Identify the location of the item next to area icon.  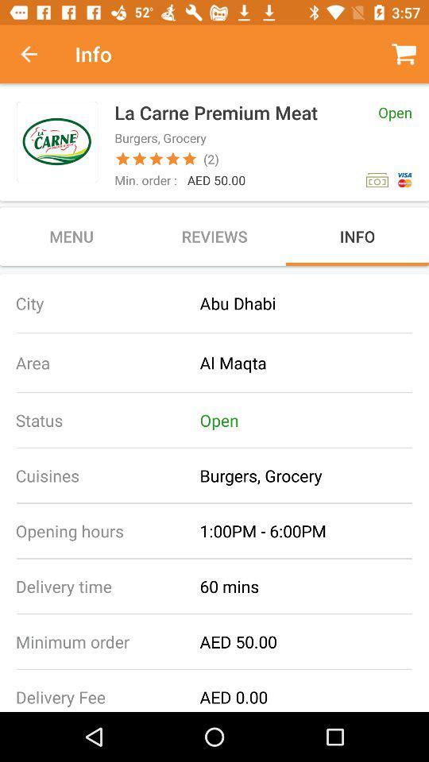
(314, 363).